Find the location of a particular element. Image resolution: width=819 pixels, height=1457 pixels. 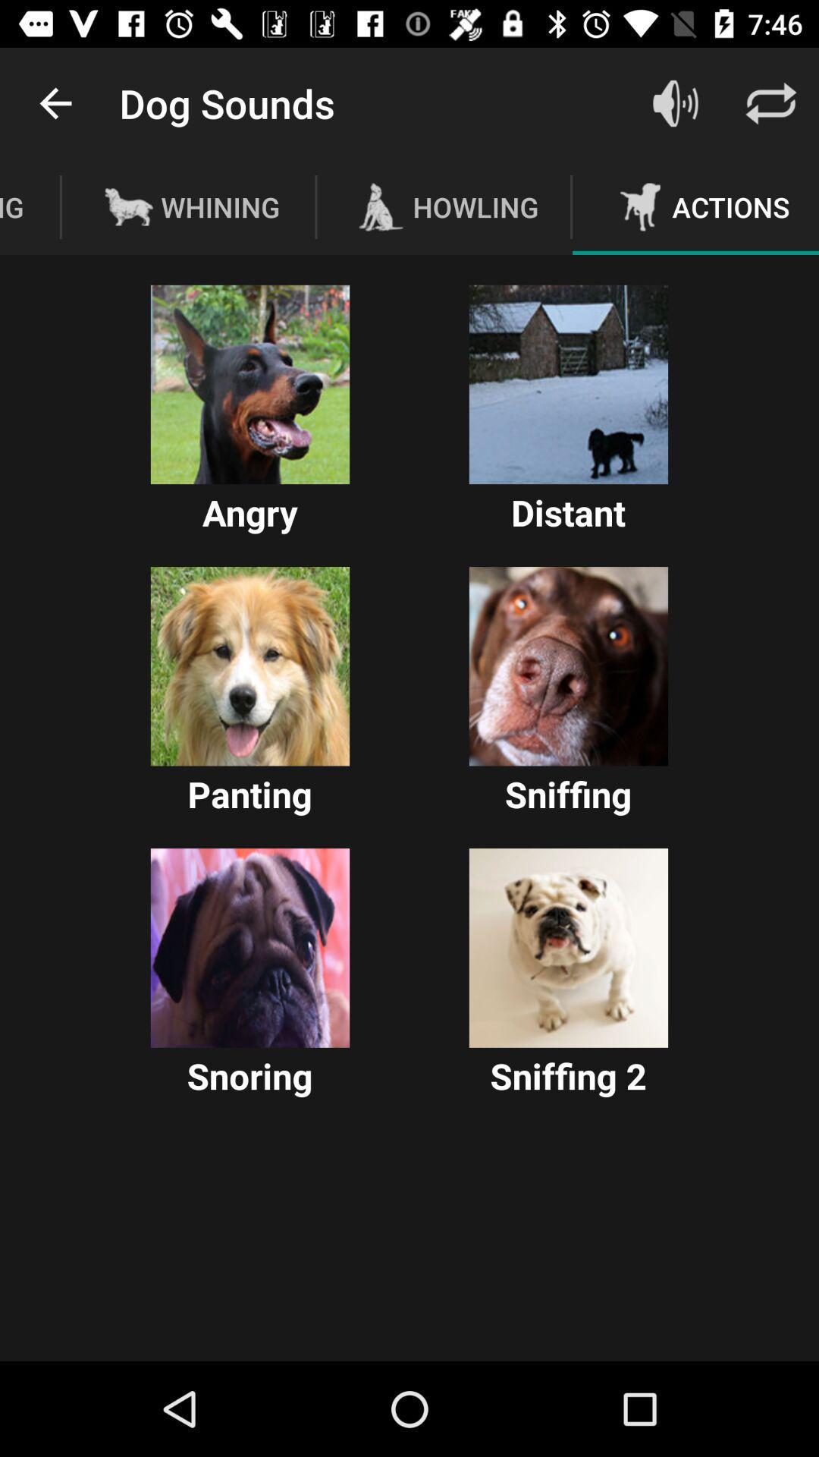

picture is located at coordinates (568, 385).